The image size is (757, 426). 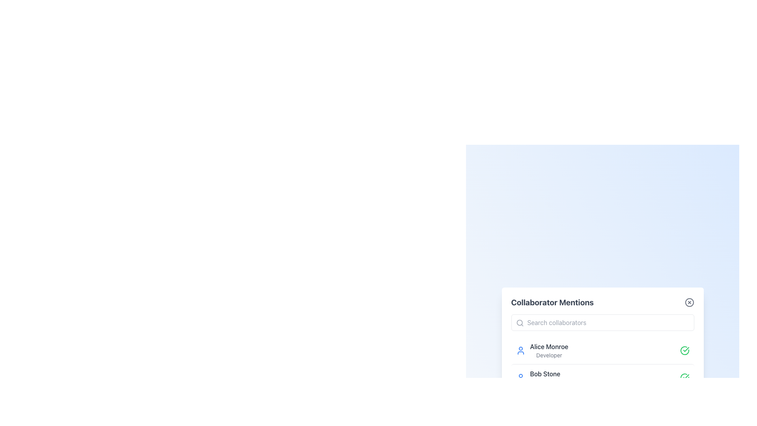 I want to click on the text label displaying 'Bob Stone', which is located in the user list under 'Collaborator Mentions', to interact with associated elements nearby, so click(x=544, y=374).